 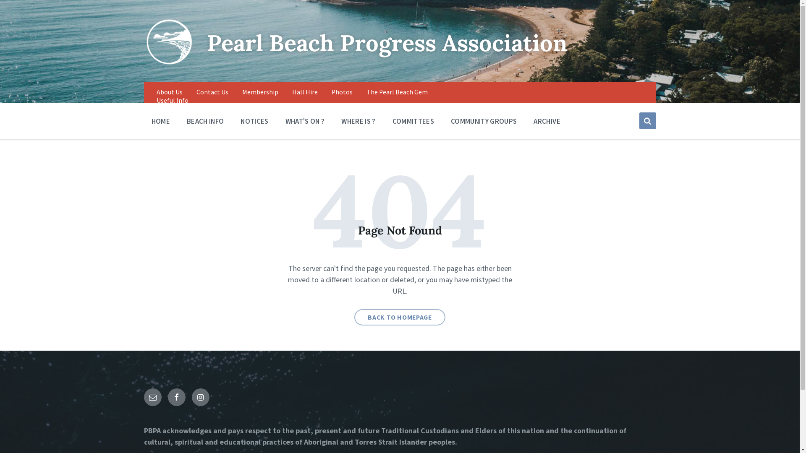 What do you see at coordinates (199, 397) in the screenshot?
I see `'Instagram'` at bounding box center [199, 397].